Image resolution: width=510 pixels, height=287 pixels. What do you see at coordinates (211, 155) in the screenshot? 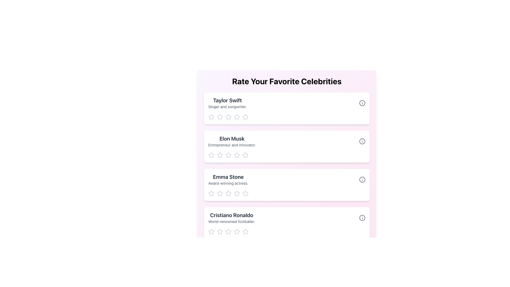
I see `the first Rating Star Icon to rate Elon Musk with one star in the 'Rate Your Favorite Celebrities' section` at bounding box center [211, 155].